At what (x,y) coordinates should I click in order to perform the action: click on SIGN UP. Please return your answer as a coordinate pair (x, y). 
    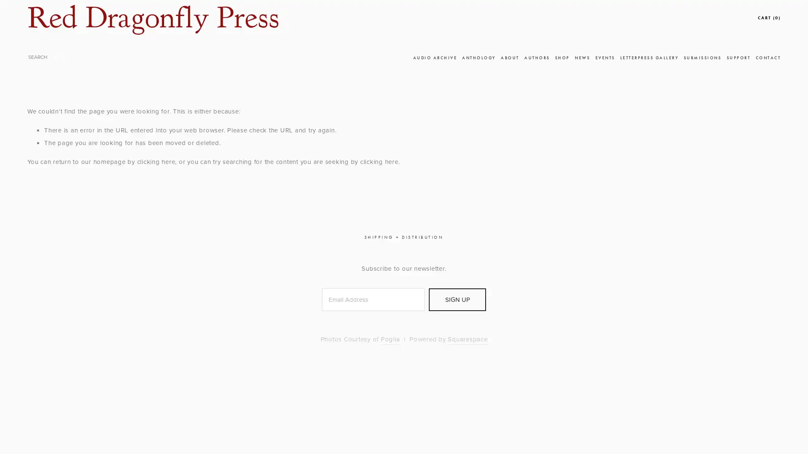
    Looking at the image, I should click on (457, 299).